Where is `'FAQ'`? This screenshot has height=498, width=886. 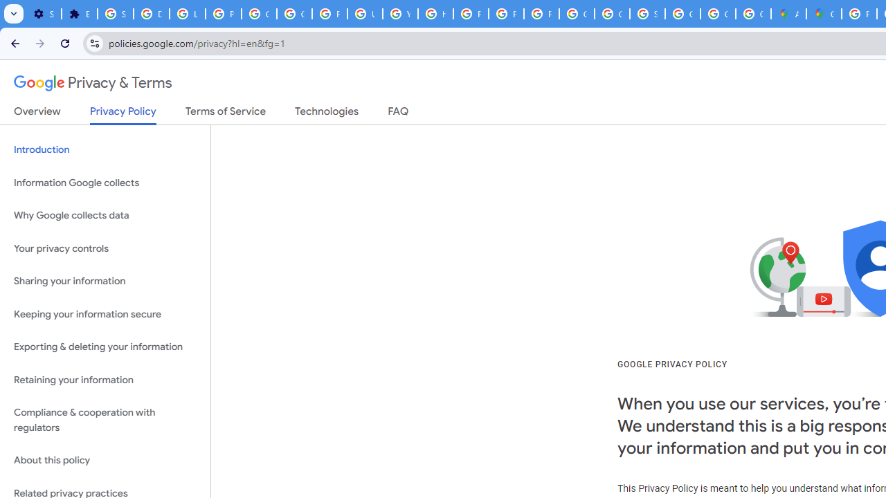 'FAQ' is located at coordinates (398, 113).